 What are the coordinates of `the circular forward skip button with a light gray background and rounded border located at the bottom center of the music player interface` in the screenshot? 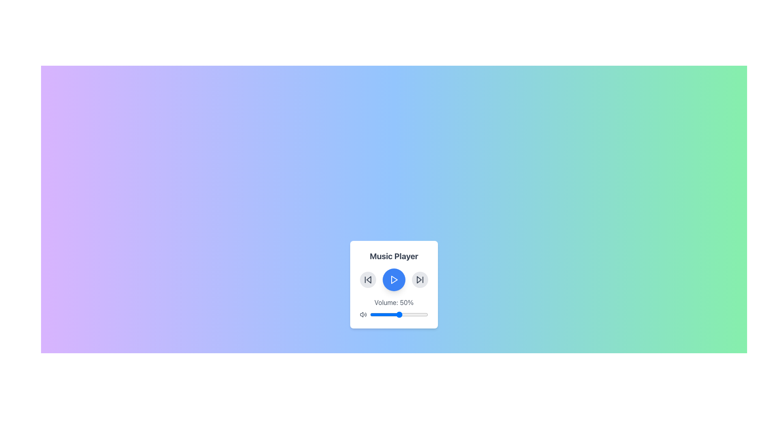 It's located at (420, 279).